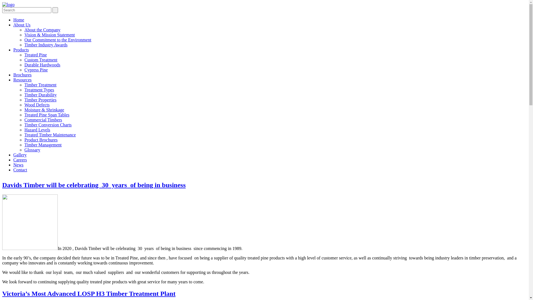  What do you see at coordinates (8, 4) in the screenshot?
I see `'Davids Timber'` at bounding box center [8, 4].